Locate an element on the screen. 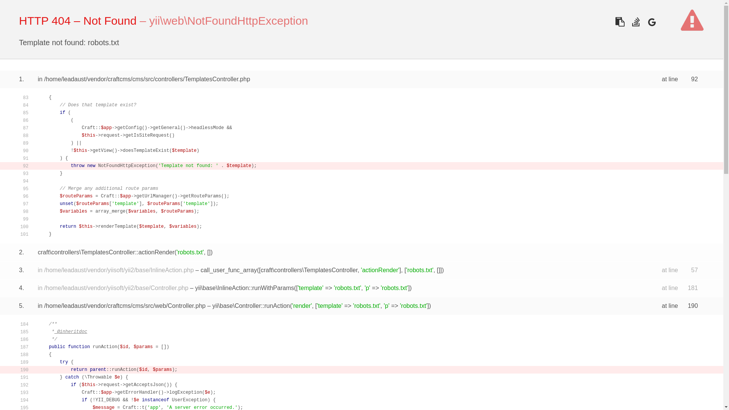 This screenshot has width=729, height=410. 'yii\base\Controller::runAction' is located at coordinates (251, 305).